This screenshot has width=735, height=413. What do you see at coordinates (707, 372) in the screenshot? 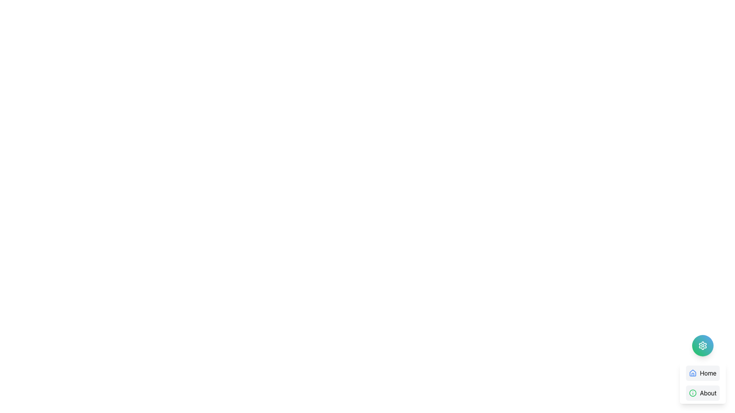
I see `the 'Home' text label, which is positioned to the right of a blue house icon in the bottom-right corner of the interface` at bounding box center [707, 372].